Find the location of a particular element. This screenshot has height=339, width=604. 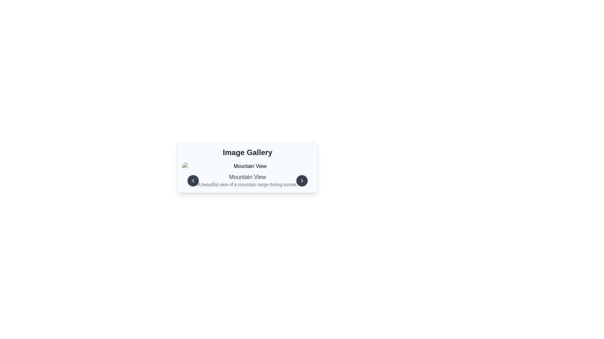

the rightmost circular button with a dark gray background and a white right-pointing chevron symbol is located at coordinates (302, 180).